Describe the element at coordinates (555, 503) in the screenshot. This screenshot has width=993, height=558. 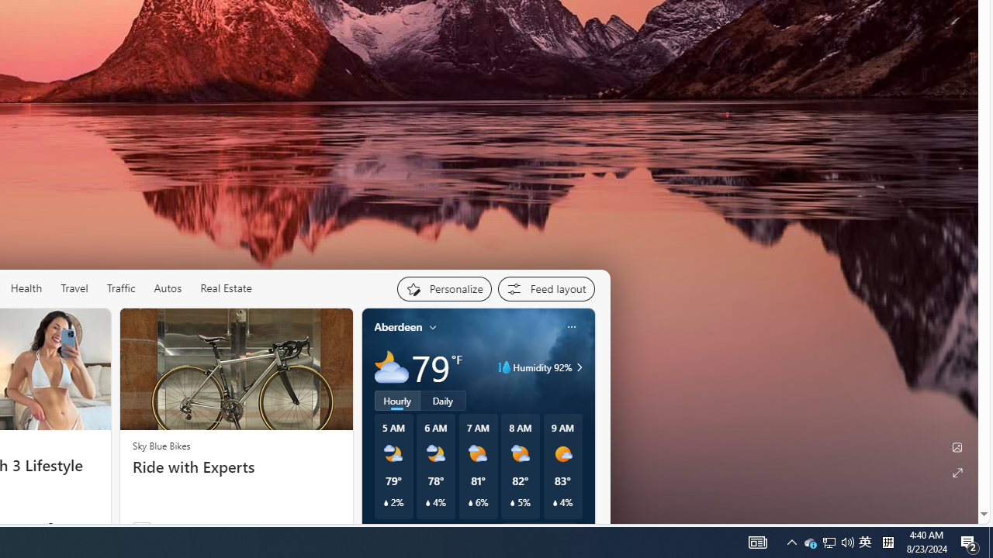
I see `'Class: weather-current-precipitation-glyph'` at that location.